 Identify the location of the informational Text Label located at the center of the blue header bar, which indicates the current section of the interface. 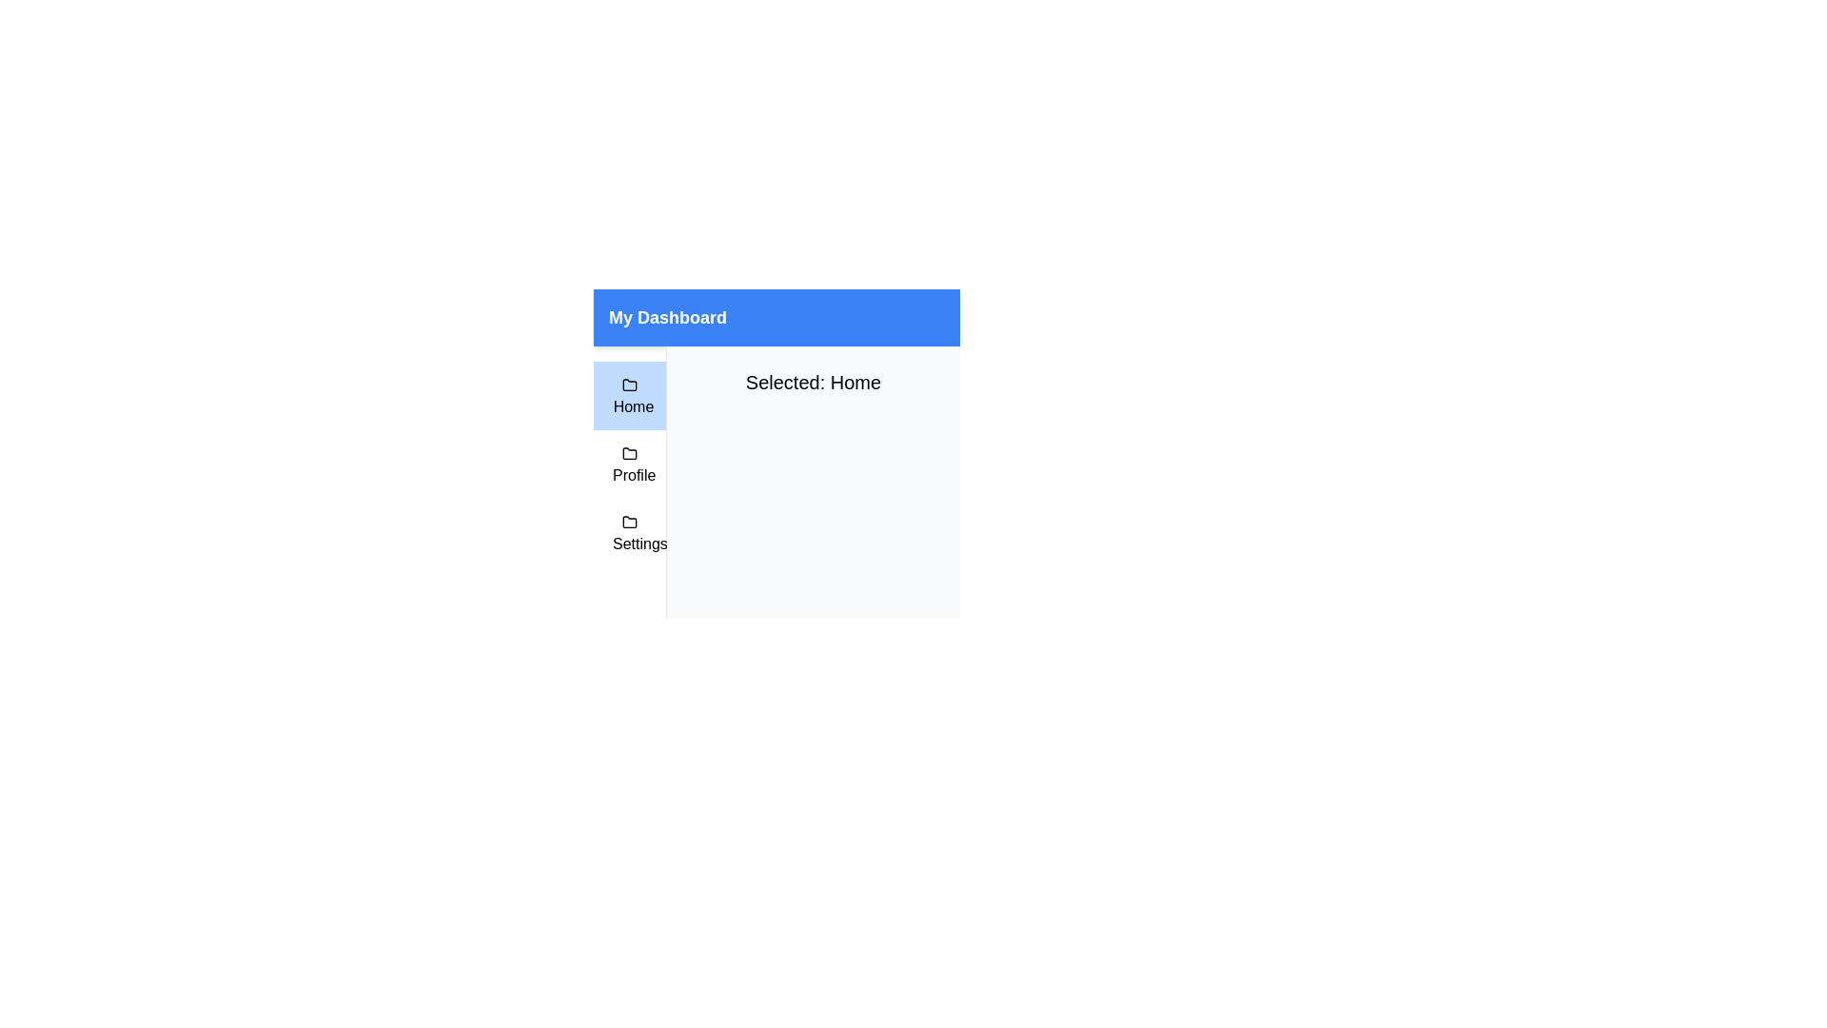
(667, 317).